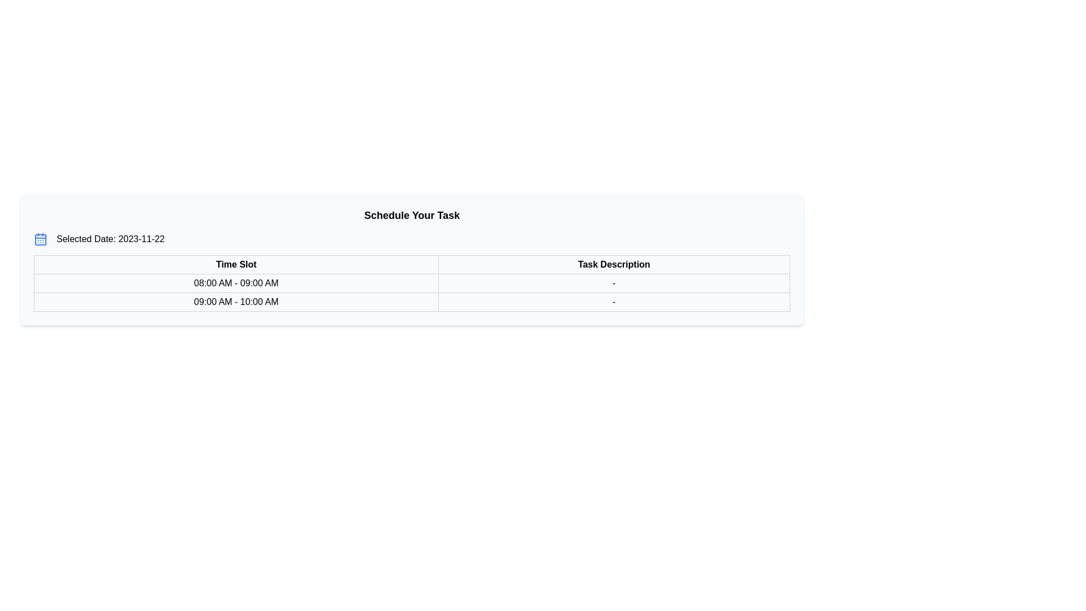  Describe the element at coordinates (235, 301) in the screenshot. I see `the time slot text label located in the second row of the 'Time Slot' table, which is positioned beneath '08:00 AM - 09:00 AM'` at that location.